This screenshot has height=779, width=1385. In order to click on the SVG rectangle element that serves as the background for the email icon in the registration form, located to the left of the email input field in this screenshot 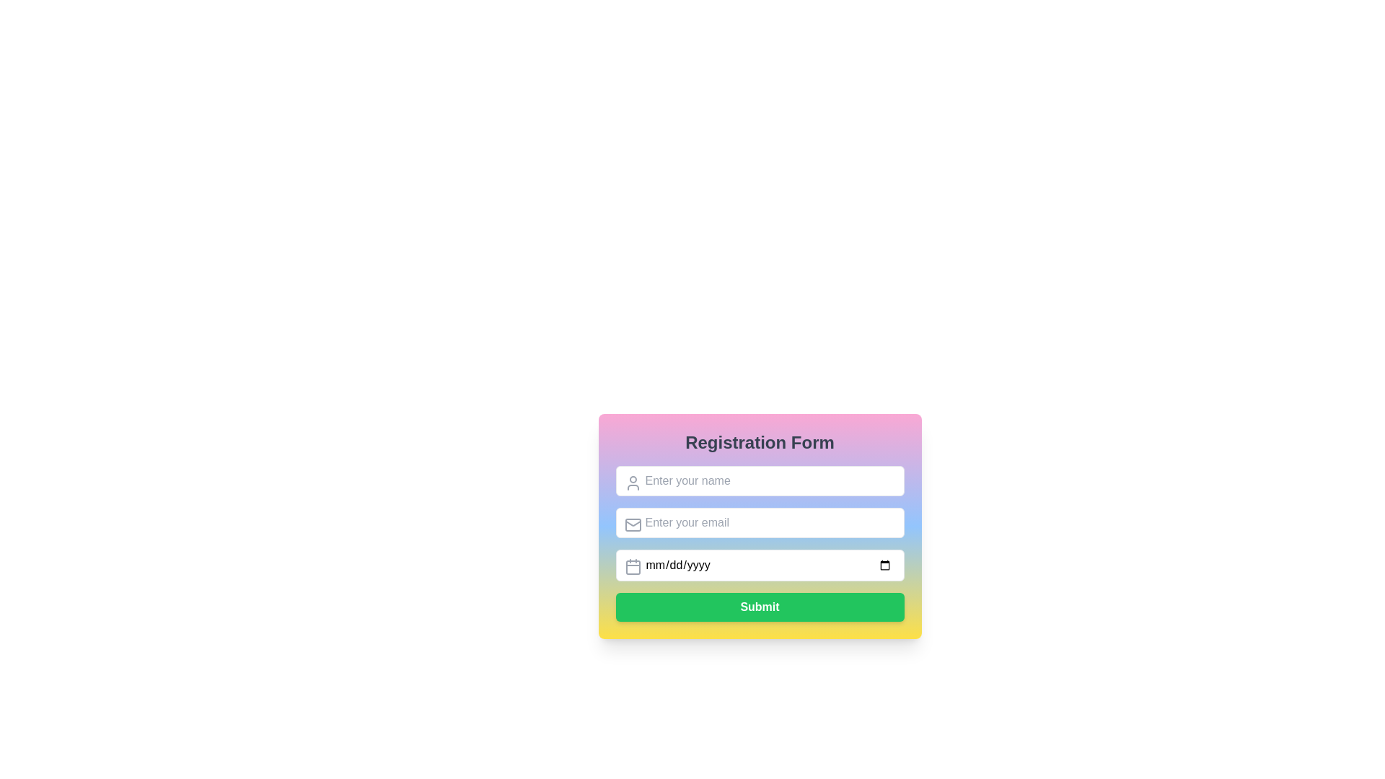, I will do `click(633, 525)`.